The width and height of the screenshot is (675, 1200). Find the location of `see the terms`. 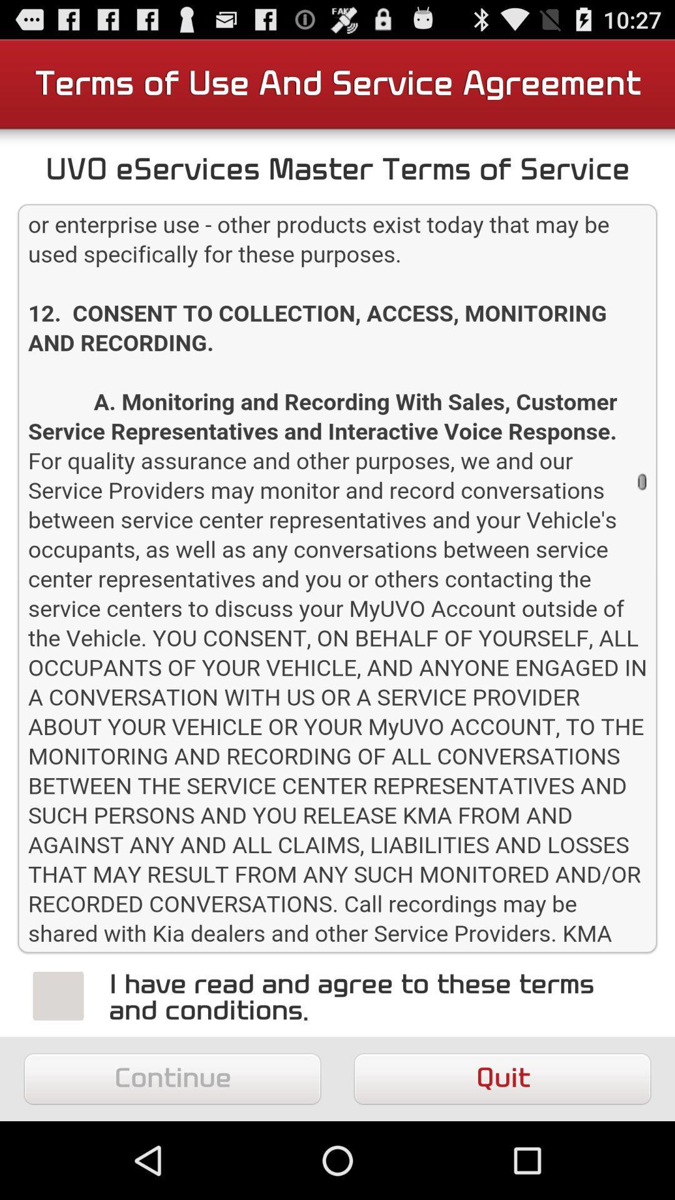

see the terms is located at coordinates (337, 577).